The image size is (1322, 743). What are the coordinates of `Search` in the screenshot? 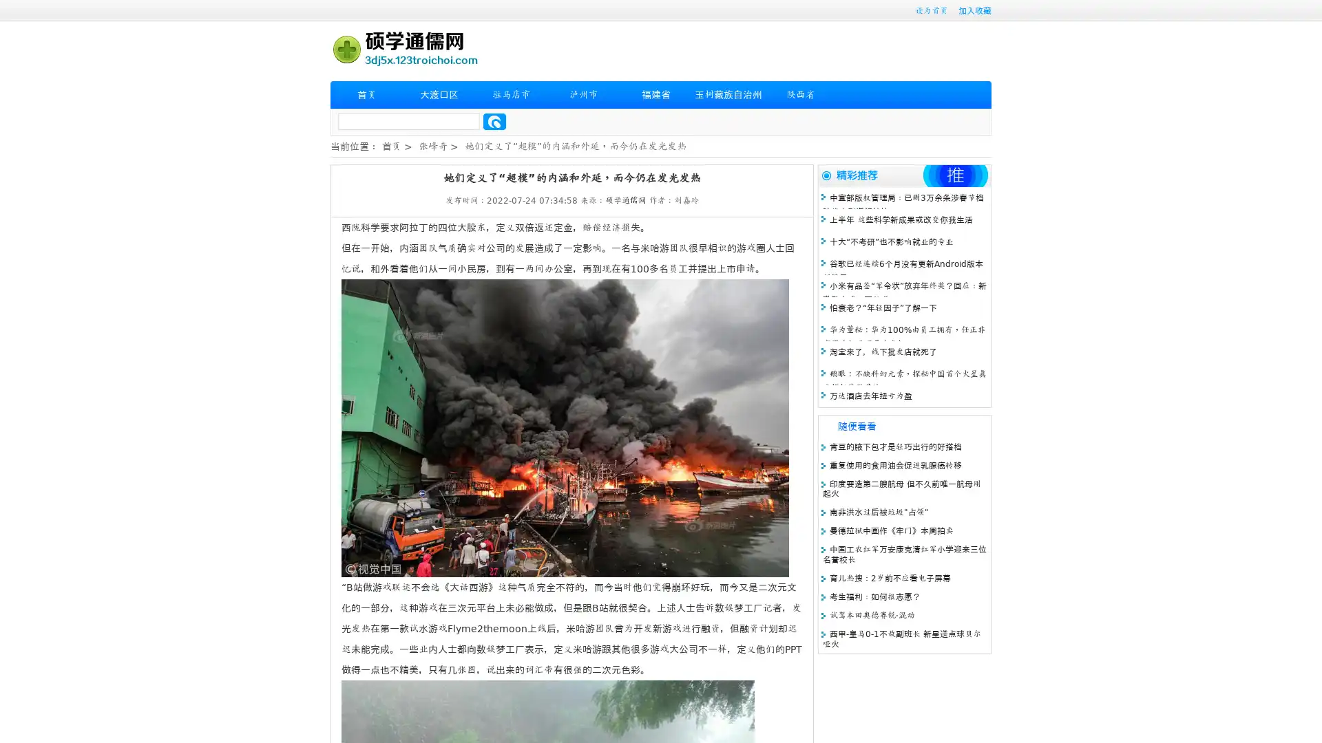 It's located at (494, 121).